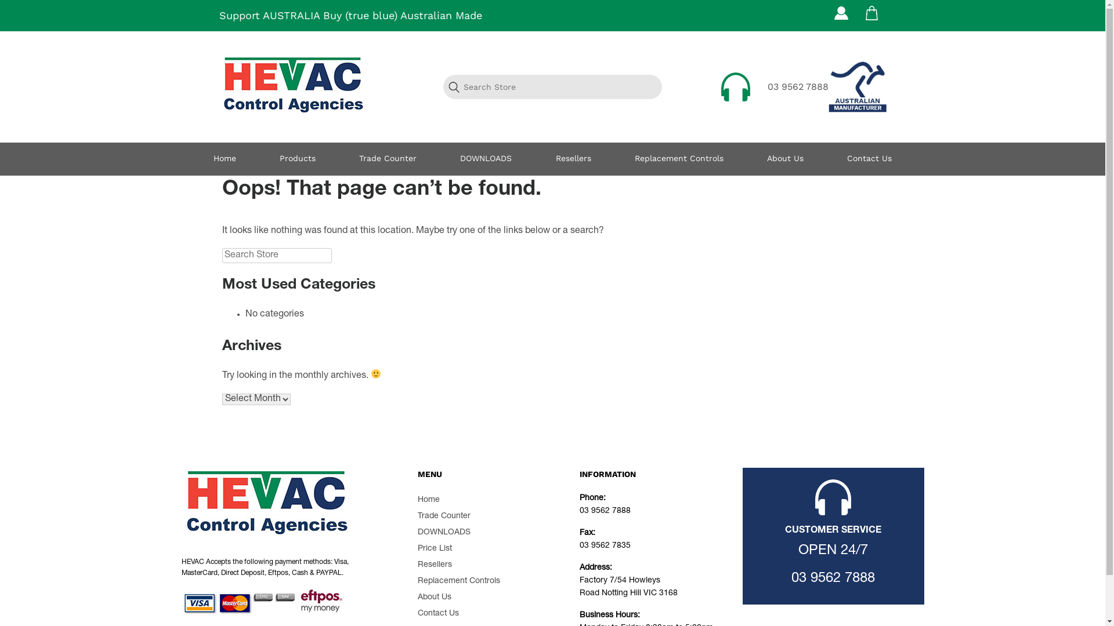 The image size is (1114, 626). Describe the element at coordinates (433, 597) in the screenshot. I see `'About Us'` at that location.